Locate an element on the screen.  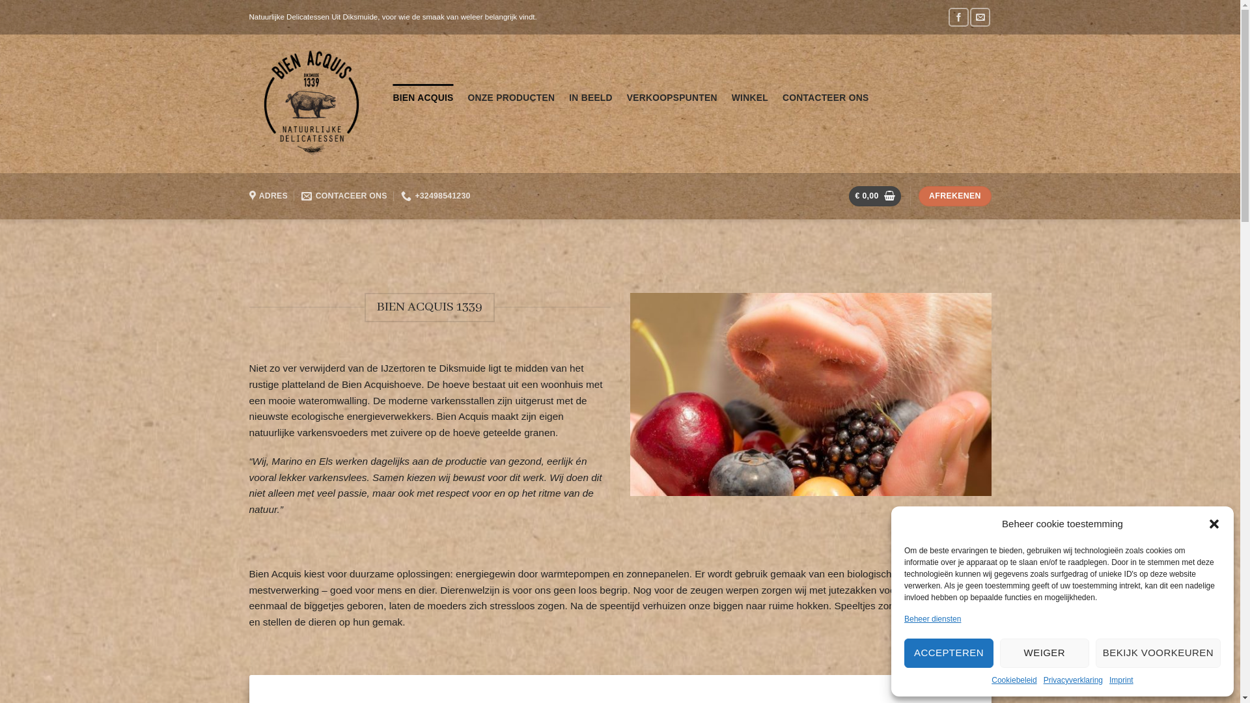
'BEKIJK VOORKEUREN' is located at coordinates (1158, 653).